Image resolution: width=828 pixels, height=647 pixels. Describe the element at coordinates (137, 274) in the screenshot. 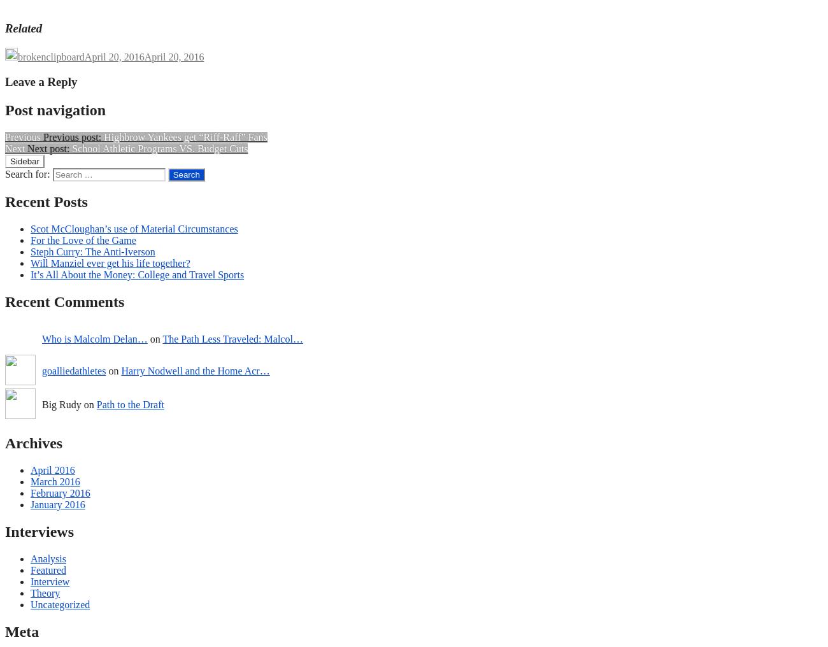

I see `'It’s All About the Money: College and Travel Sports'` at that location.